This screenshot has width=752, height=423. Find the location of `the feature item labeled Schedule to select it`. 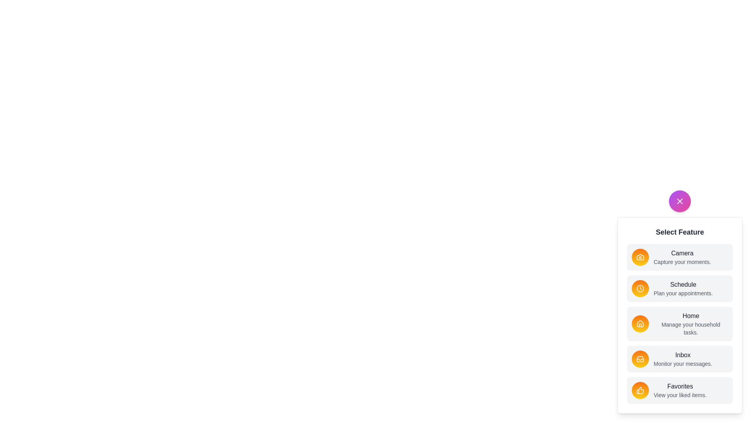

the feature item labeled Schedule to select it is located at coordinates (680, 288).